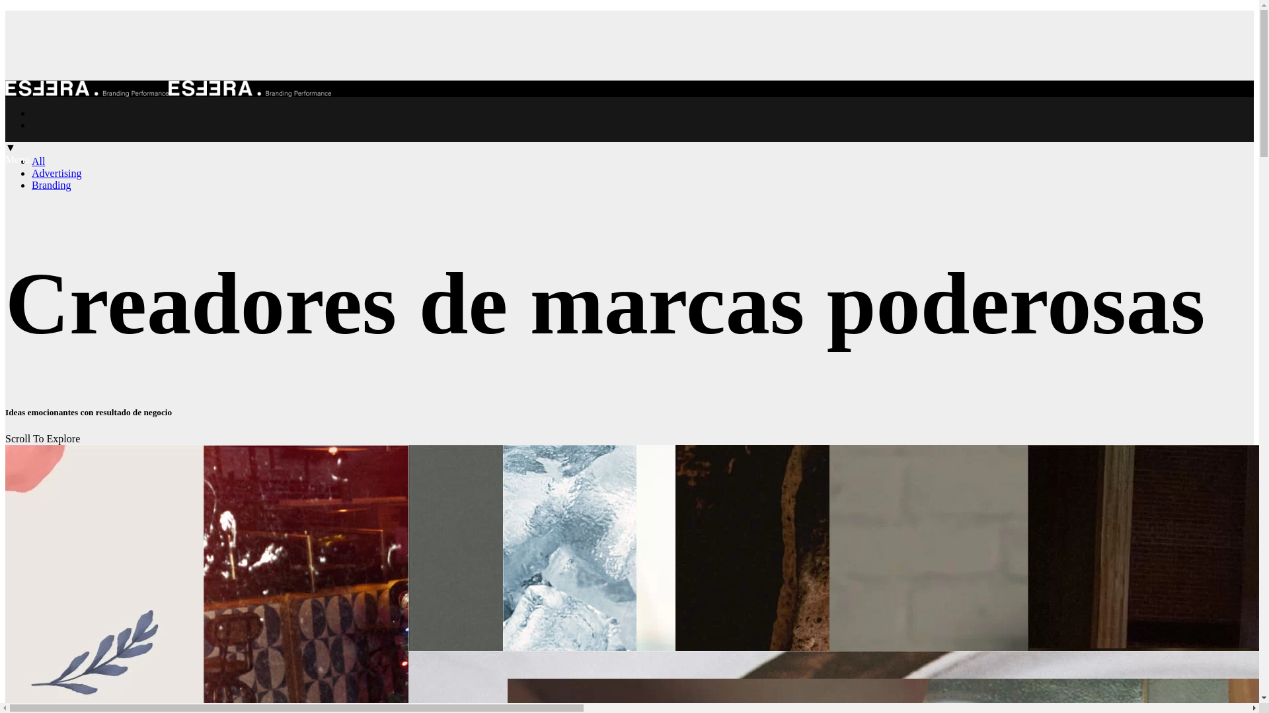 Image resolution: width=1269 pixels, height=713 pixels. Describe the element at coordinates (56, 172) in the screenshot. I see `'Advertising'` at that location.